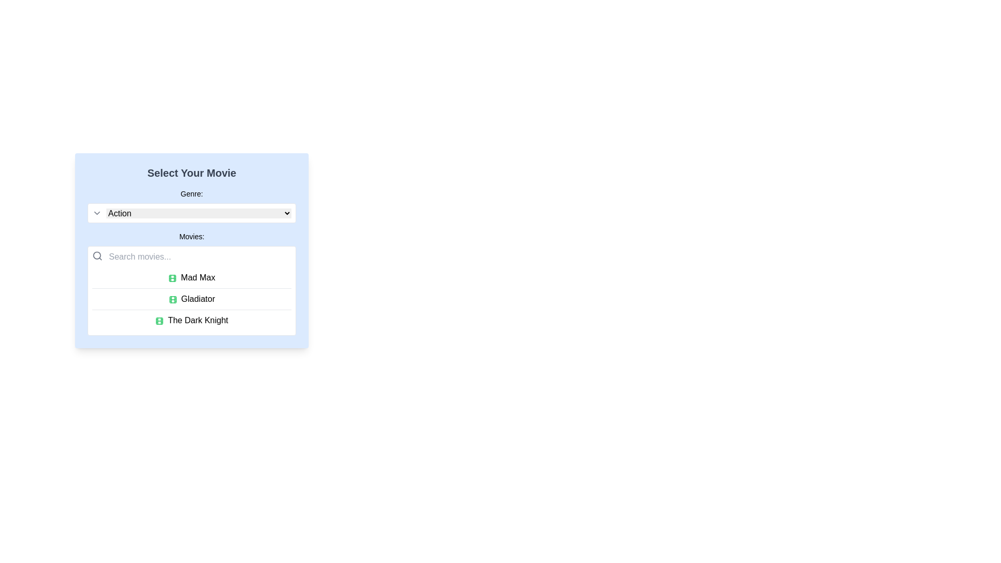  Describe the element at coordinates (192, 299) in the screenshot. I see `the selectable movie title list located in the lower portion of the 'Movies' panel` at that location.